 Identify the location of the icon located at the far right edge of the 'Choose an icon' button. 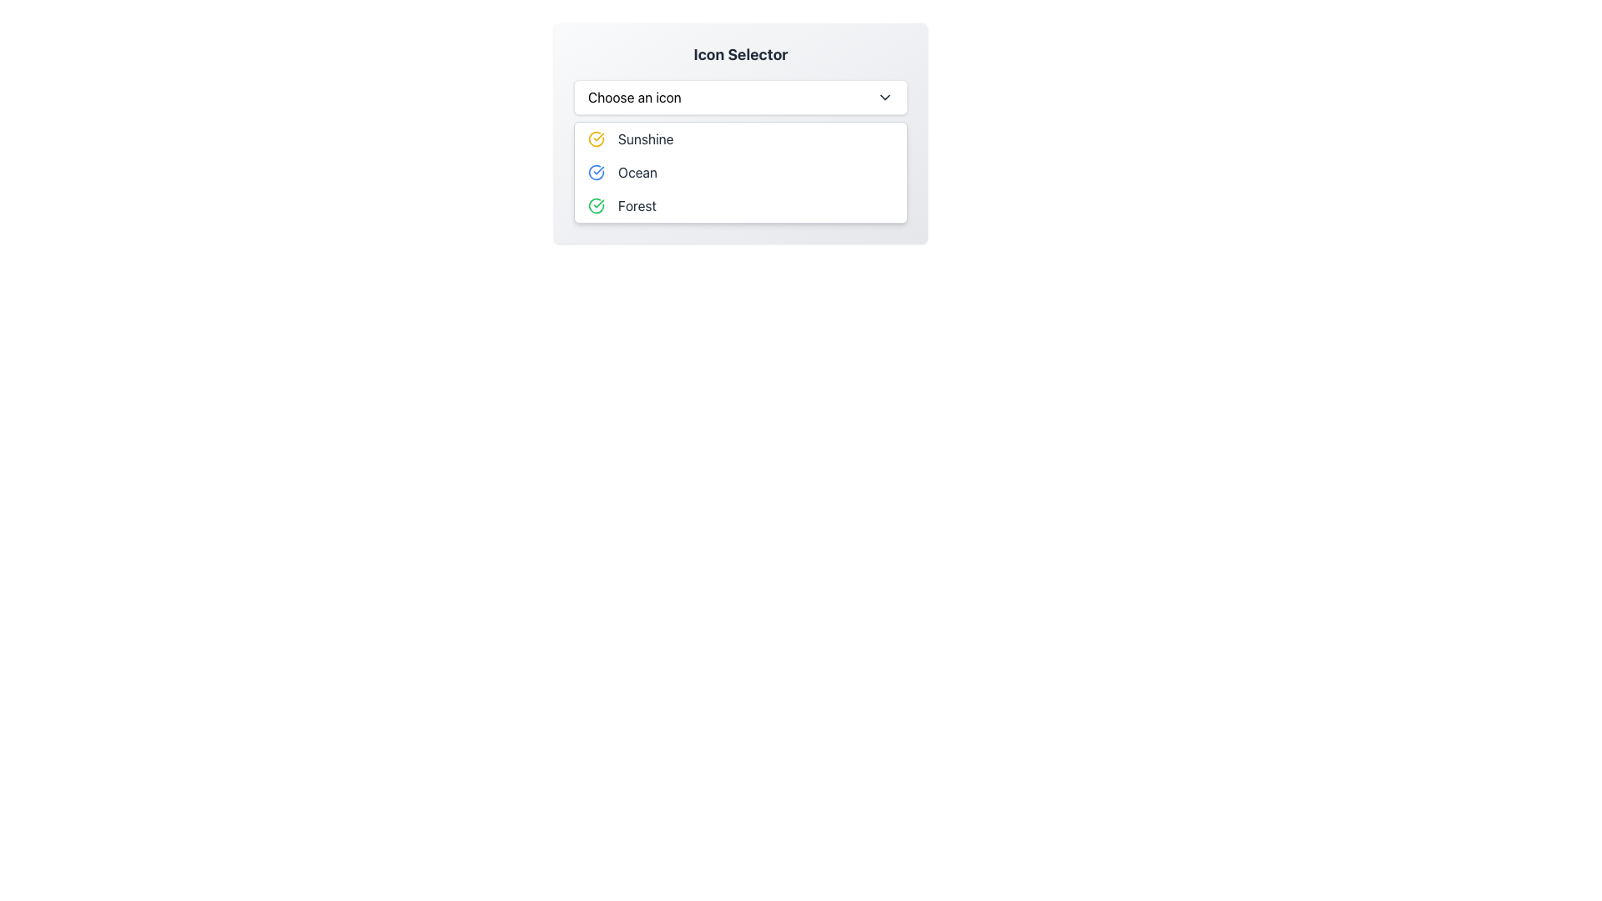
(884, 97).